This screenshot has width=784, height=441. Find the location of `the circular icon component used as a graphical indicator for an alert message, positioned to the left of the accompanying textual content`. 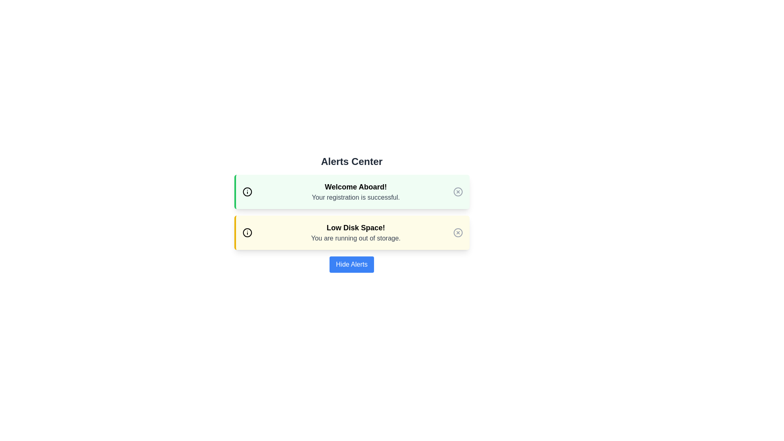

the circular icon component used as a graphical indicator for an alert message, positioned to the left of the accompanying textual content is located at coordinates (247, 192).